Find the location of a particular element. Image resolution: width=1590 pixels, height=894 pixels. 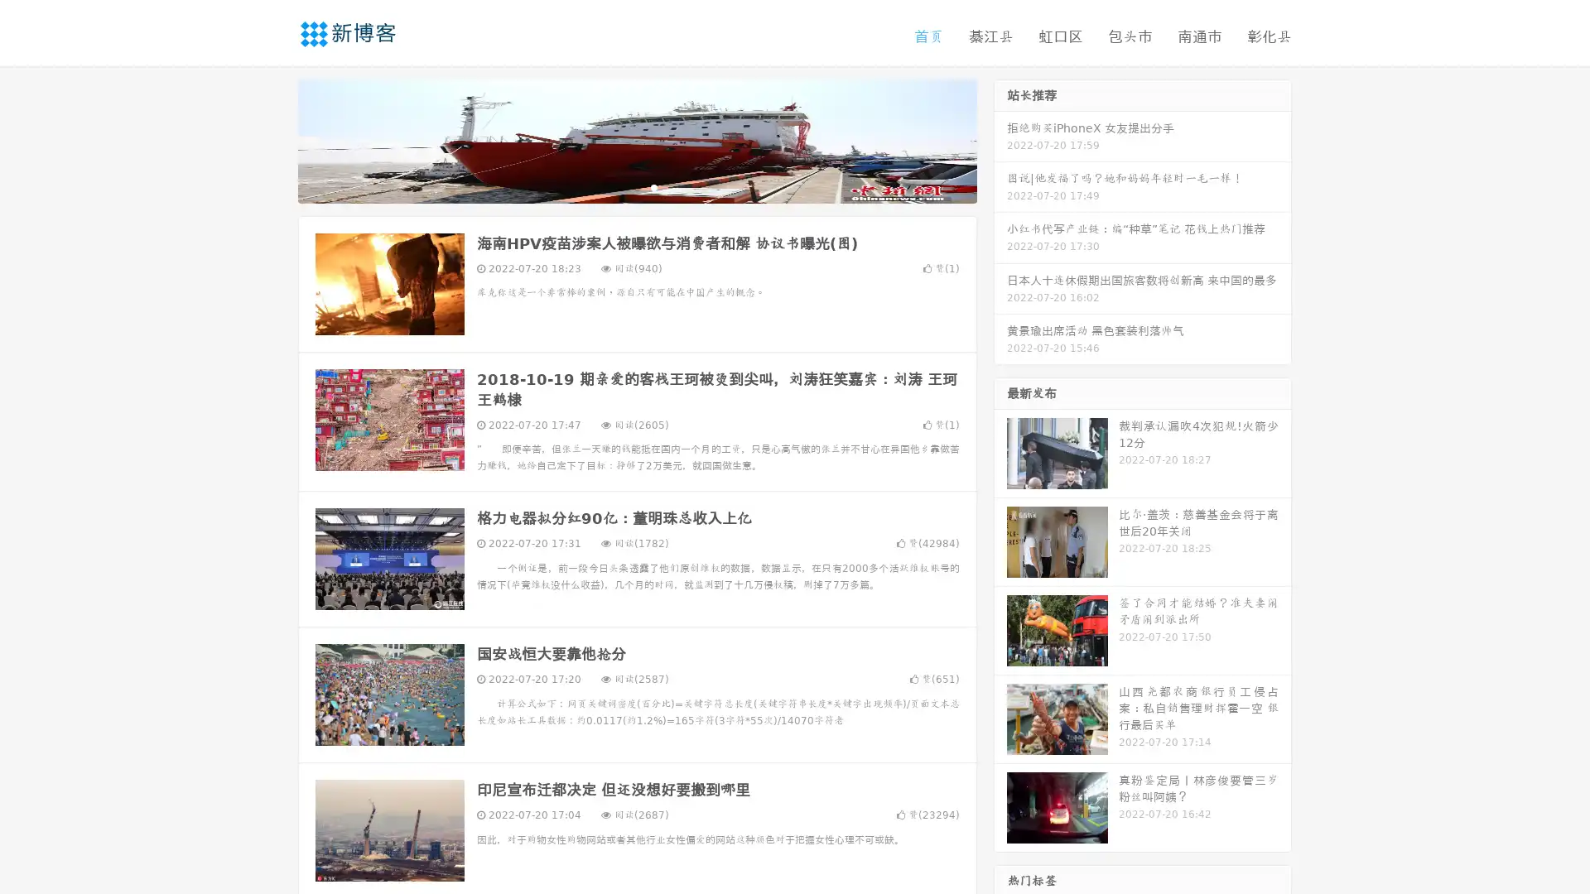

Go to slide 3 is located at coordinates (653, 186).